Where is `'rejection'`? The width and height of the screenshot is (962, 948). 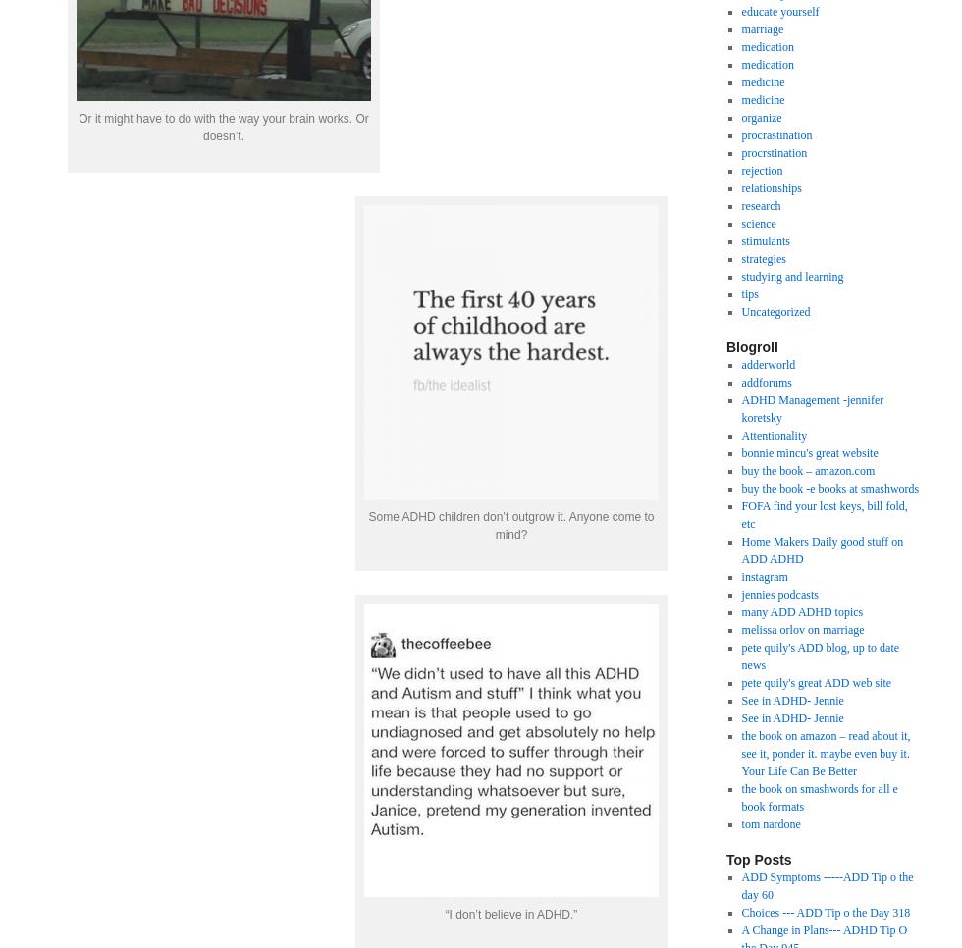 'rejection' is located at coordinates (761, 169).